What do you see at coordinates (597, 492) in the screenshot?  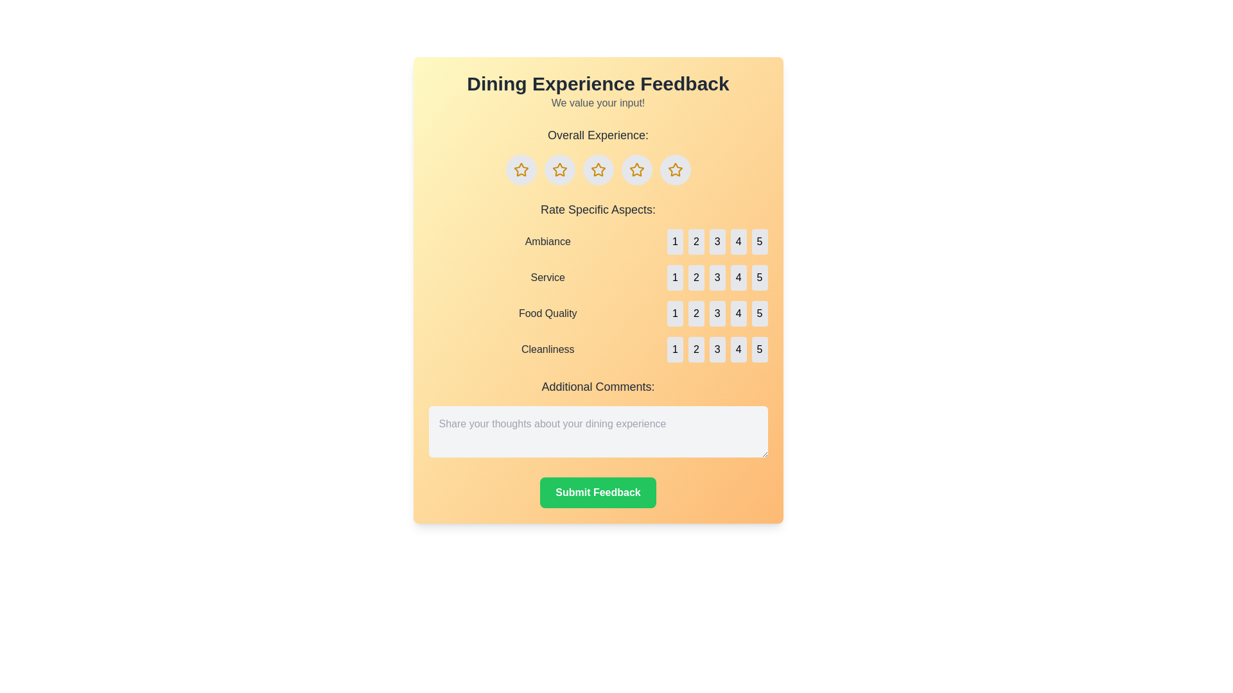 I see `the feedback submission button located at the bottom of the feedback form` at bounding box center [597, 492].